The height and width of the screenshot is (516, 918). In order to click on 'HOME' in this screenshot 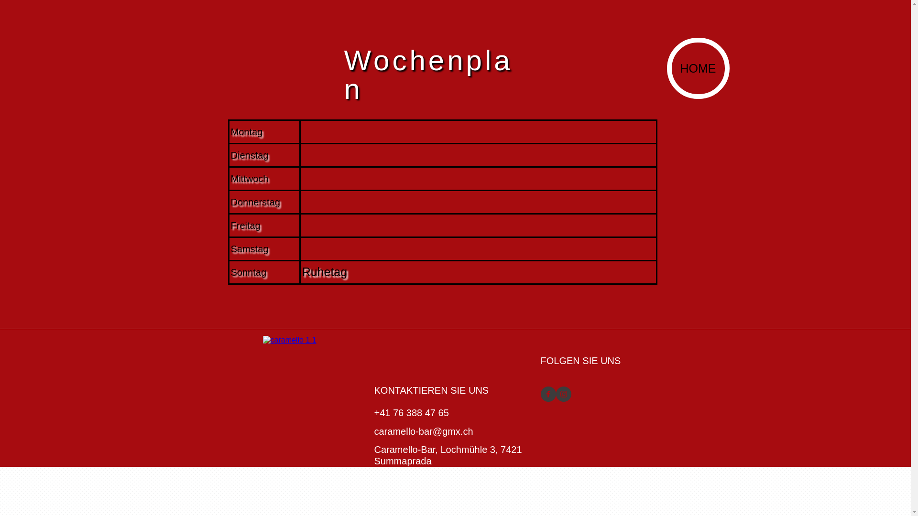, I will do `click(670, 67)`.